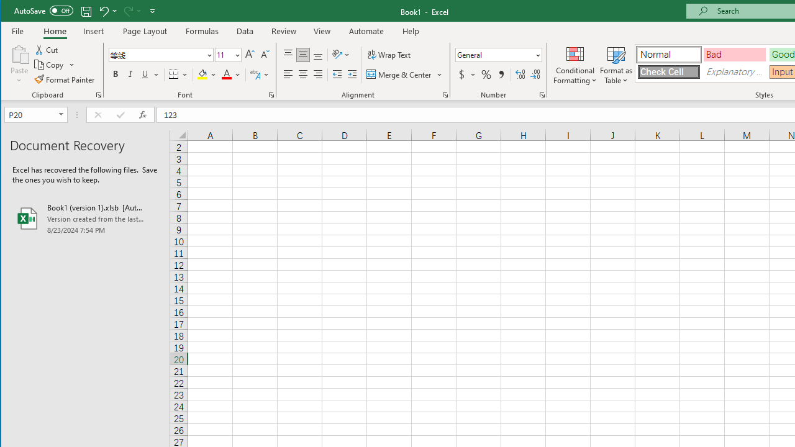  Describe the element at coordinates (535, 74) in the screenshot. I see `'Decrease Decimal'` at that location.